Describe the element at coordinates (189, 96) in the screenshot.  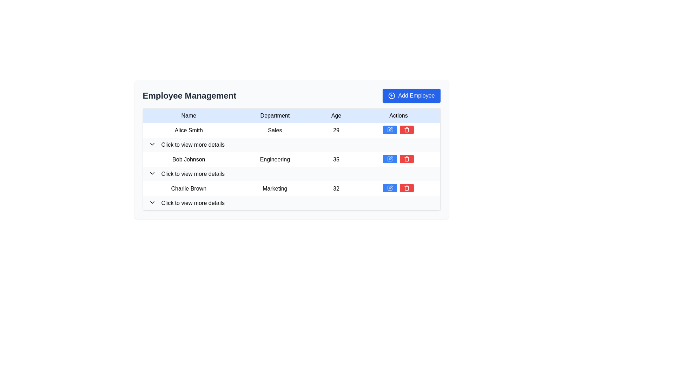
I see `the large, bold, dark gray text labeled 'Employee Management', which is located to the left of the 'Add Employee' button` at that location.